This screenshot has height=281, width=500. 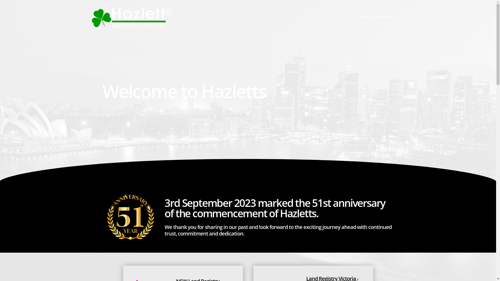 I want to click on 'Service Quick Access', so click(x=380, y=16).